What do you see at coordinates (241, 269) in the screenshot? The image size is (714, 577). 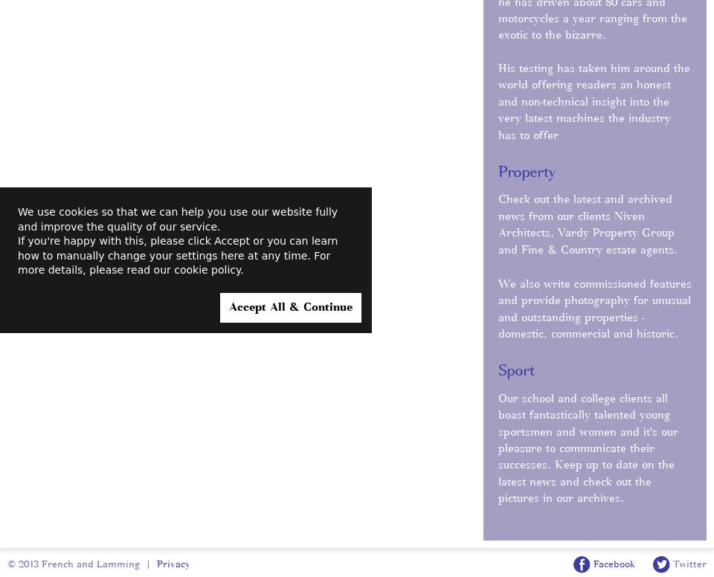 I see `'.'` at bounding box center [241, 269].